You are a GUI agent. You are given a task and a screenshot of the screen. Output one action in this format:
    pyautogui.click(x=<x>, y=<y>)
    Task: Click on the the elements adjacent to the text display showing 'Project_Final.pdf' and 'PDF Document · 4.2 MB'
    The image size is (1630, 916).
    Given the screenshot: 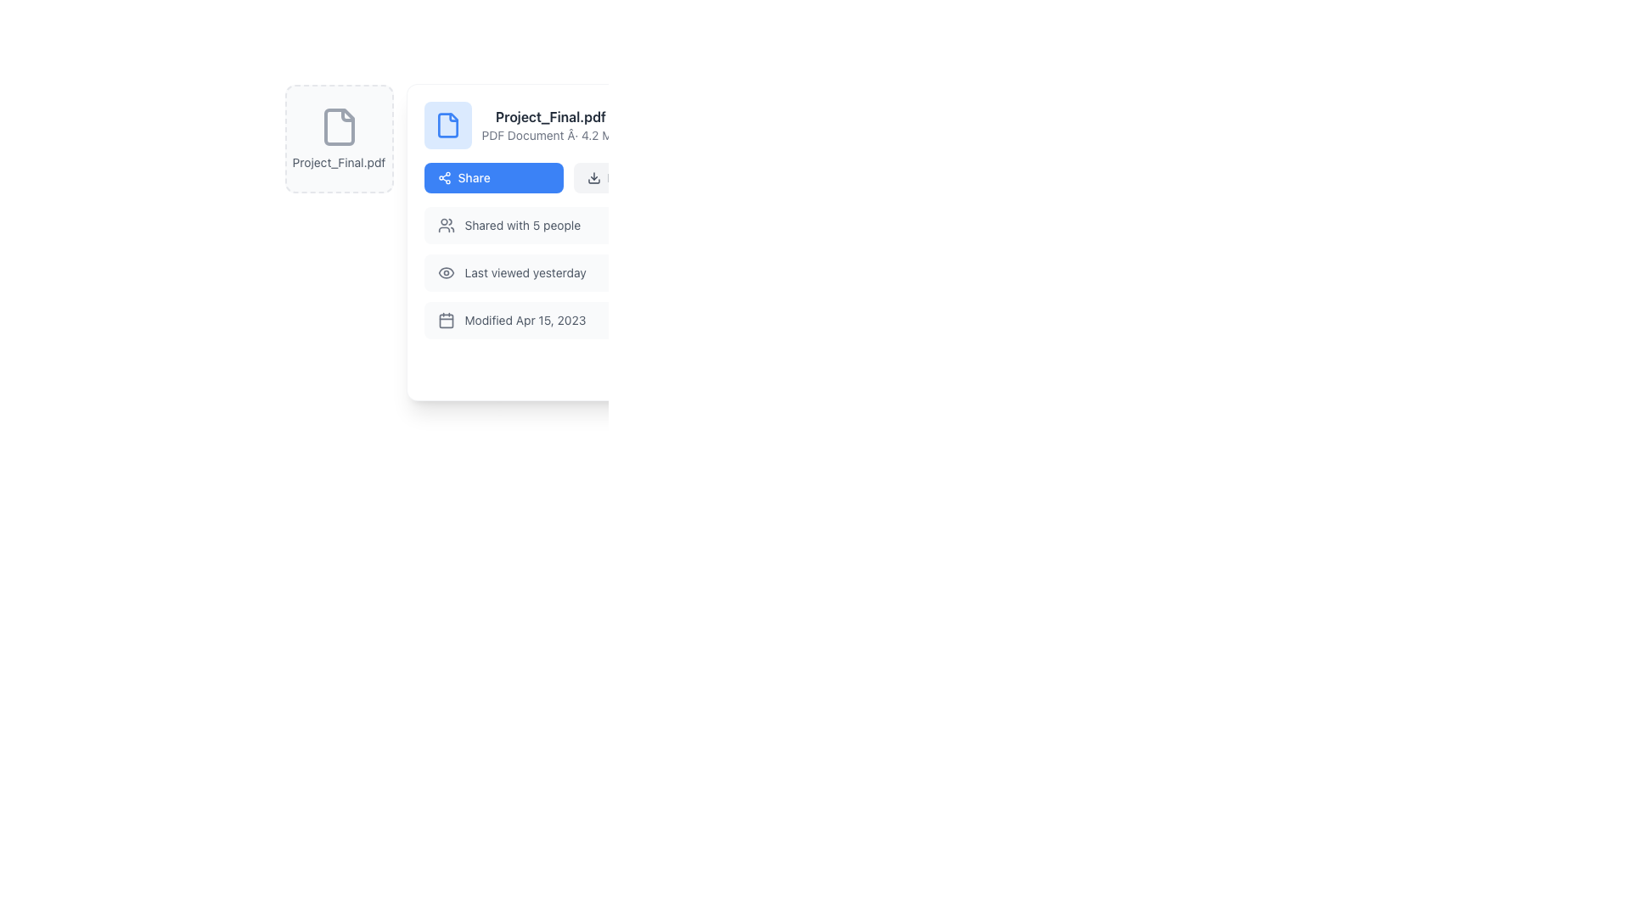 What is the action you would take?
    pyautogui.click(x=550, y=124)
    